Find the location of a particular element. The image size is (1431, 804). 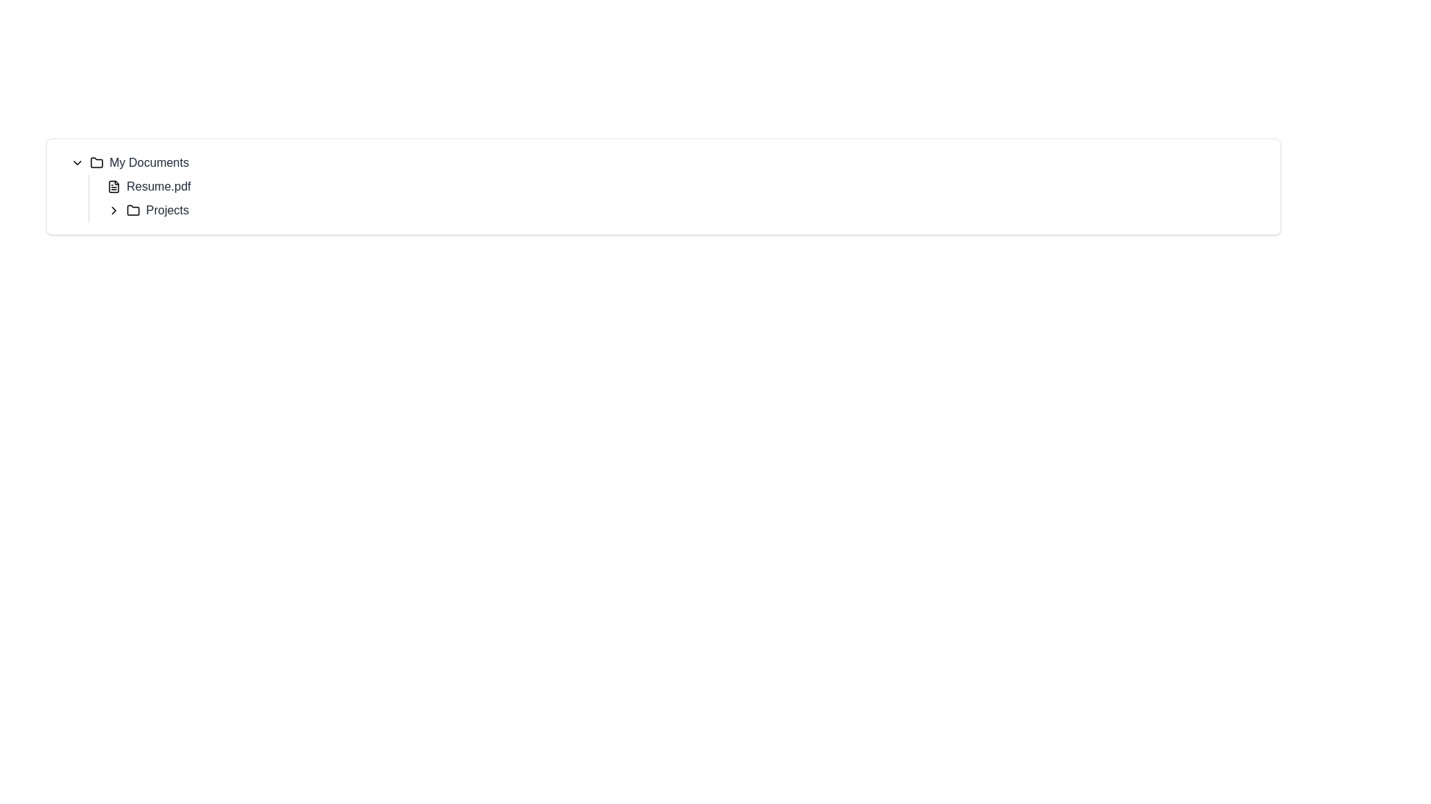

the toggle button located as the first icon on the left under the 'My Documents' section is located at coordinates (77, 163).